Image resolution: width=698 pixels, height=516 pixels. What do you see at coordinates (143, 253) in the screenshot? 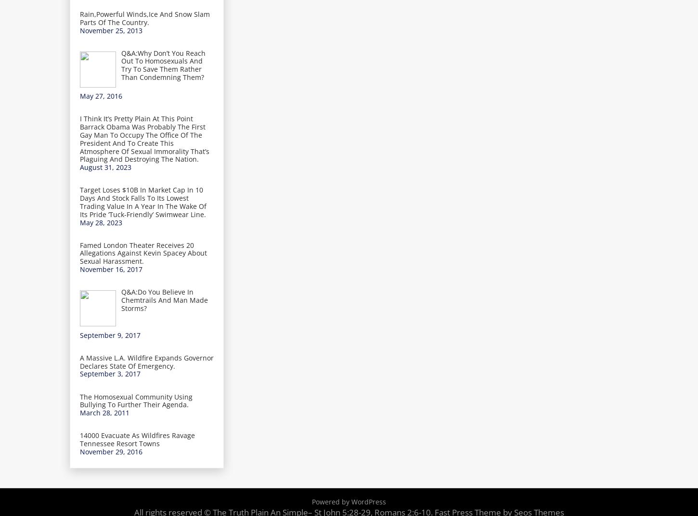
I see `'Famed London Theater Receives 20 Allegations Against Kevin Spacey About Sexual Harassment.'` at bounding box center [143, 253].